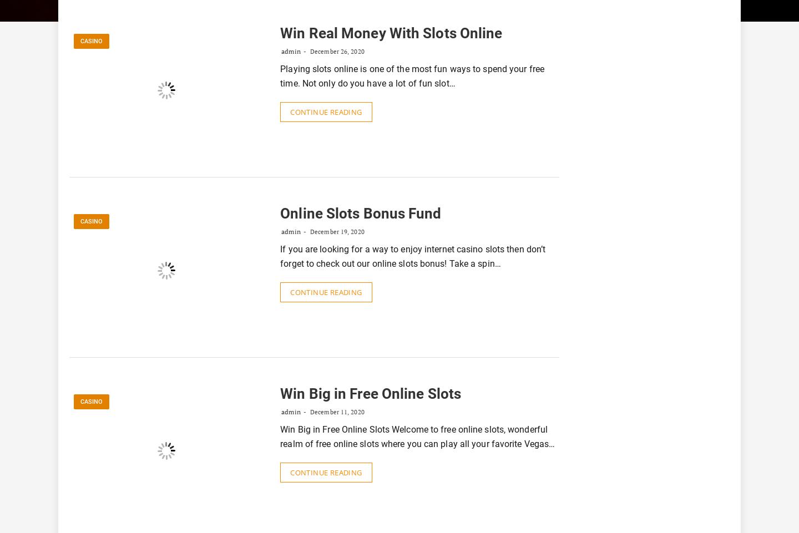 Image resolution: width=799 pixels, height=533 pixels. Describe the element at coordinates (412, 255) in the screenshot. I see `'If you are looking for a way to enjoy internet casino slots then don’t forget to check out our online slots bonus! Take a spin…'` at that location.